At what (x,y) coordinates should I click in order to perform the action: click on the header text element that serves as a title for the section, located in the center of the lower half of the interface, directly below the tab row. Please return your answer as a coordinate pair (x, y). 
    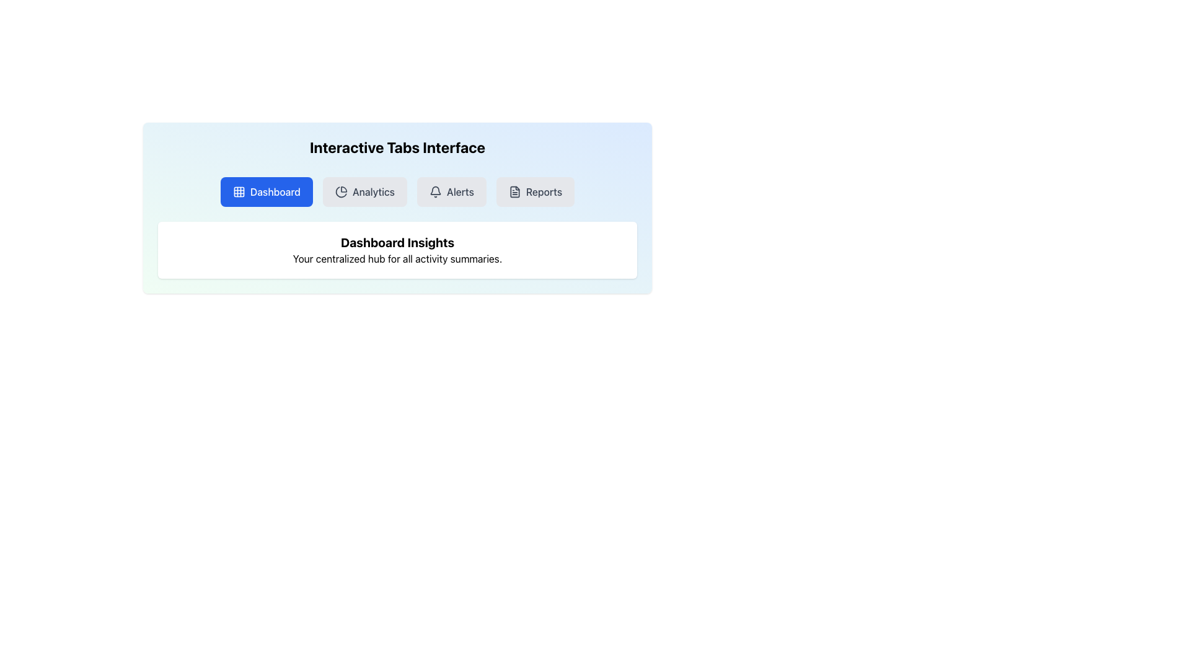
    Looking at the image, I should click on (397, 243).